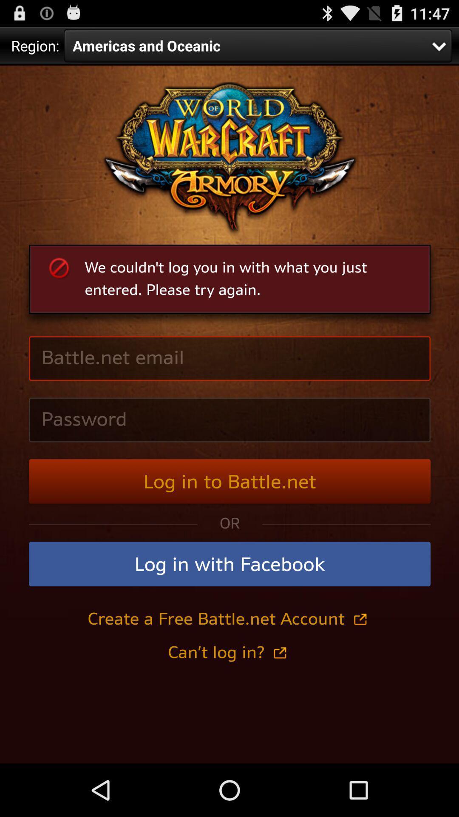 This screenshot has width=459, height=817. What do you see at coordinates (229, 414) in the screenshot?
I see `navigation area` at bounding box center [229, 414].